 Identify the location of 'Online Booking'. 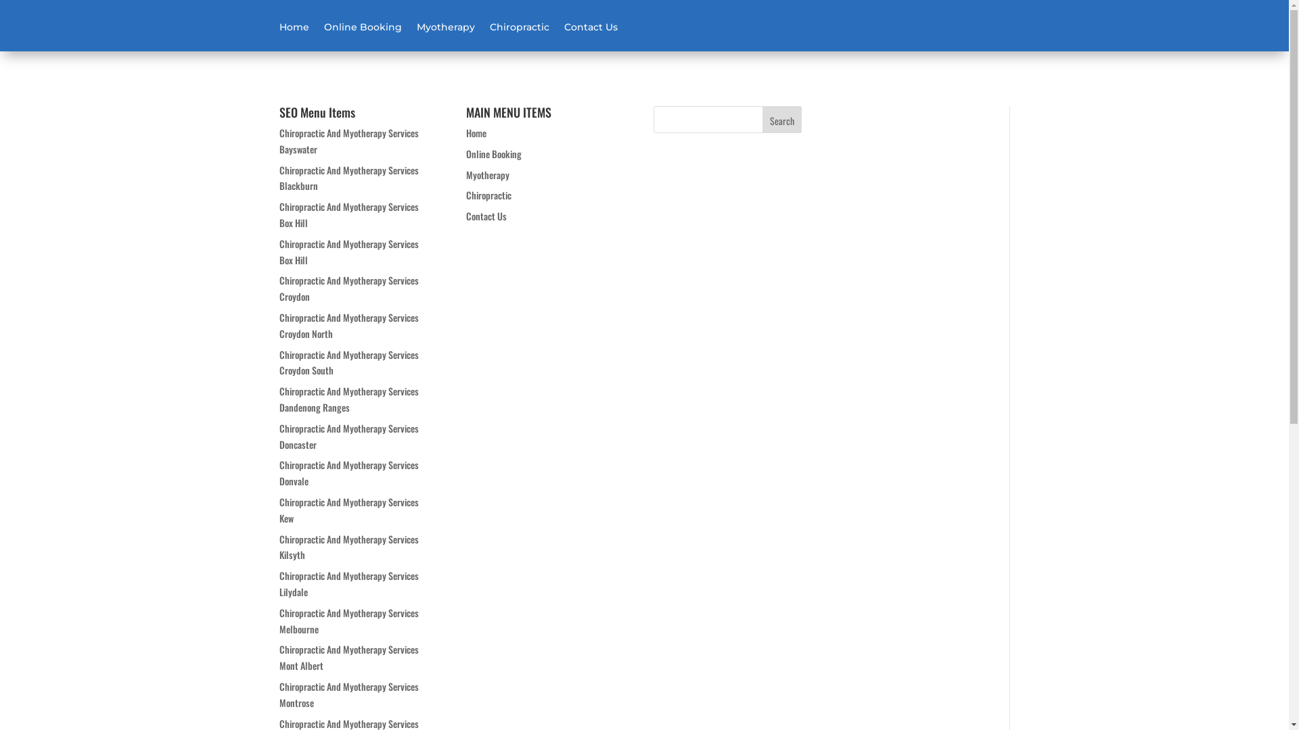
(493, 153).